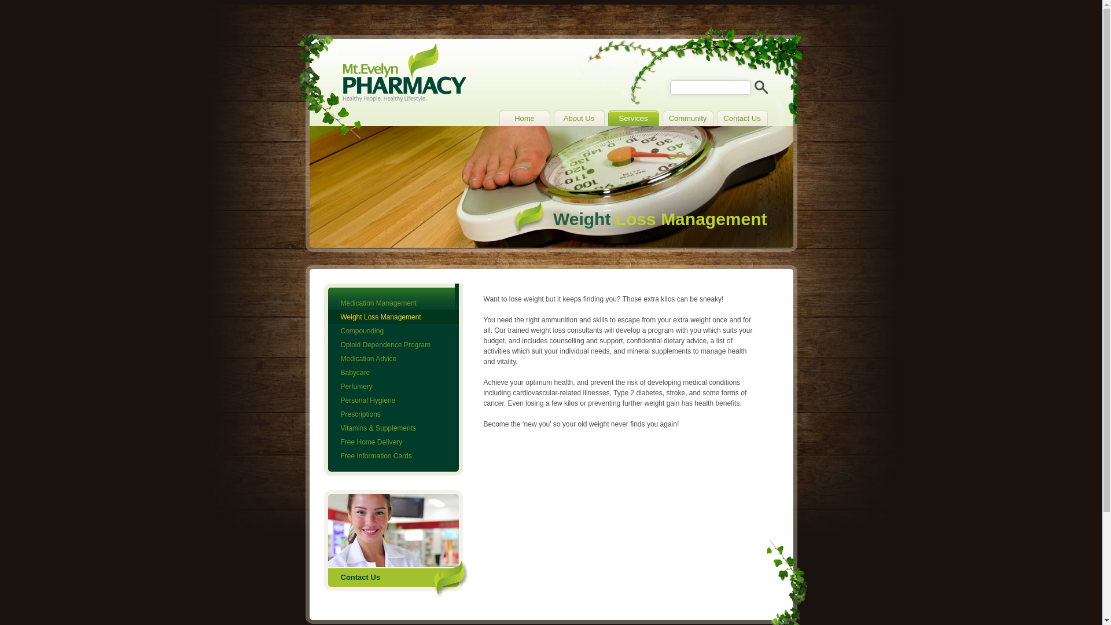 Image resolution: width=1111 pixels, height=625 pixels. I want to click on 'Contact Us', so click(741, 118).